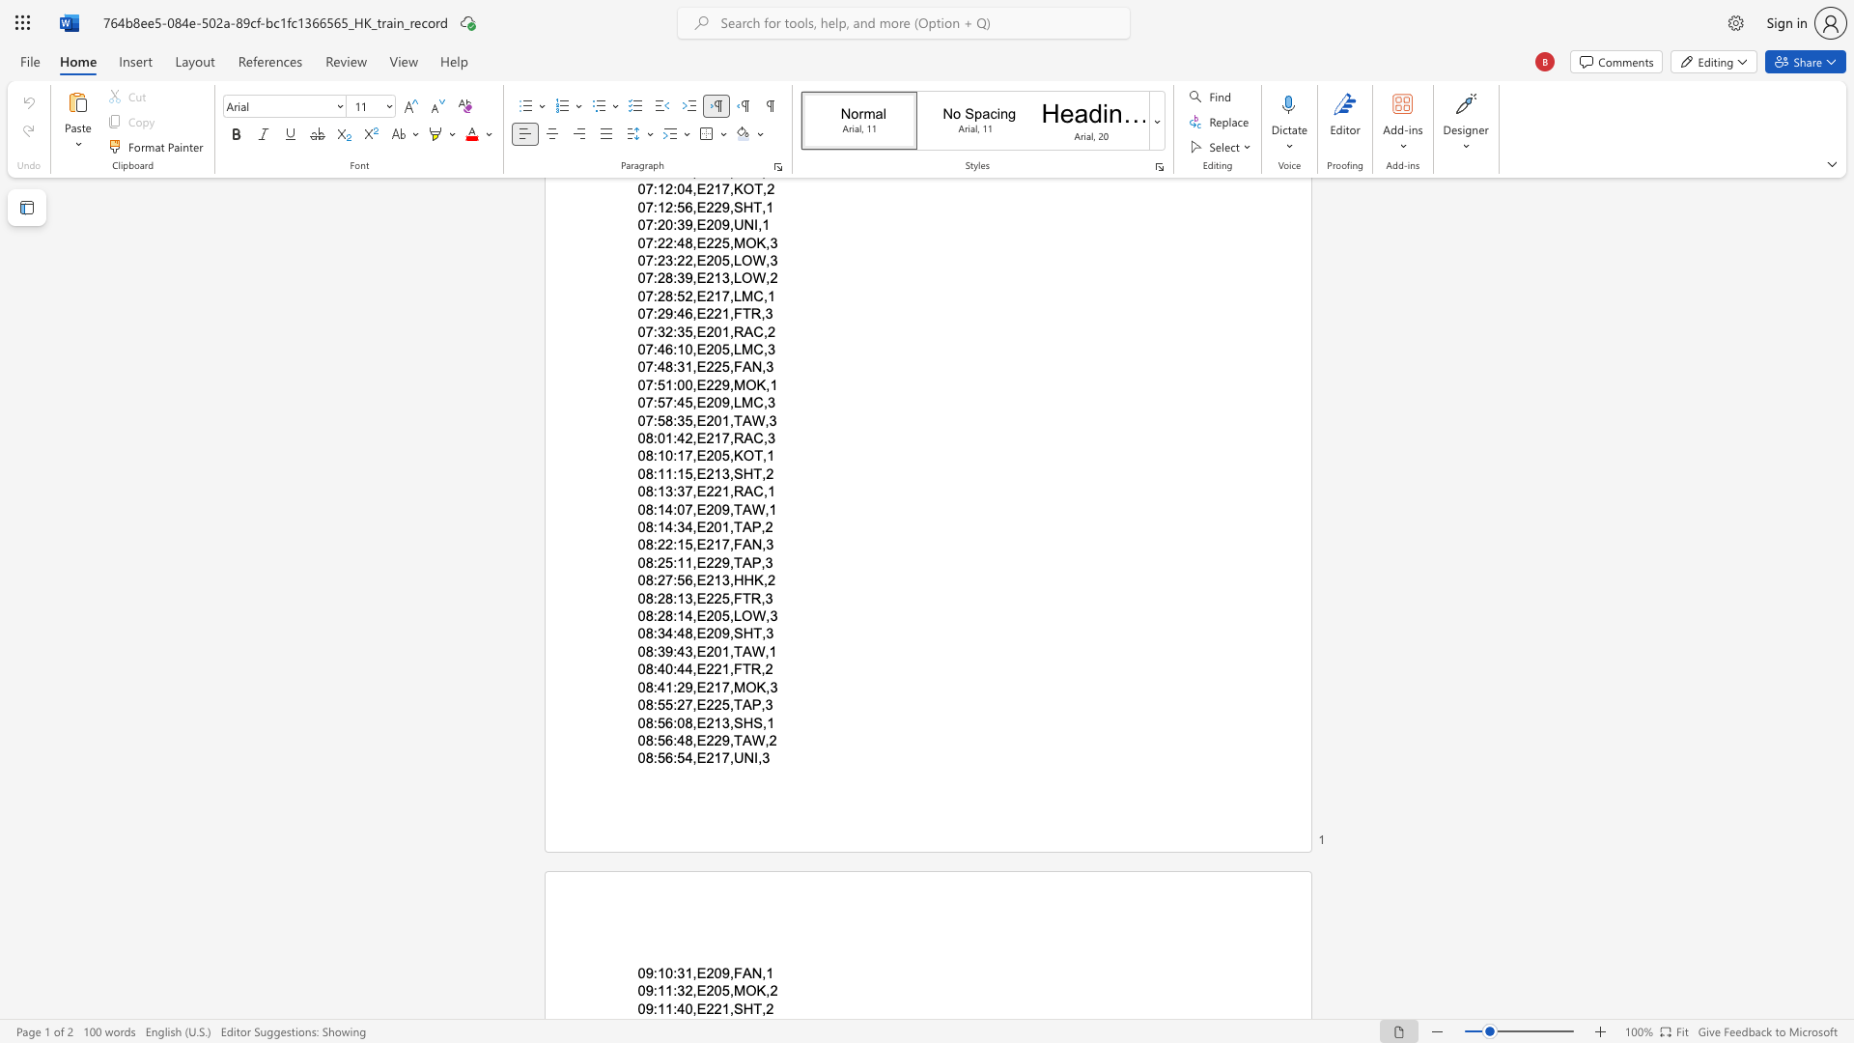  What do you see at coordinates (727, 651) in the screenshot?
I see `the space between the continuous character "1" and "," in the text` at bounding box center [727, 651].